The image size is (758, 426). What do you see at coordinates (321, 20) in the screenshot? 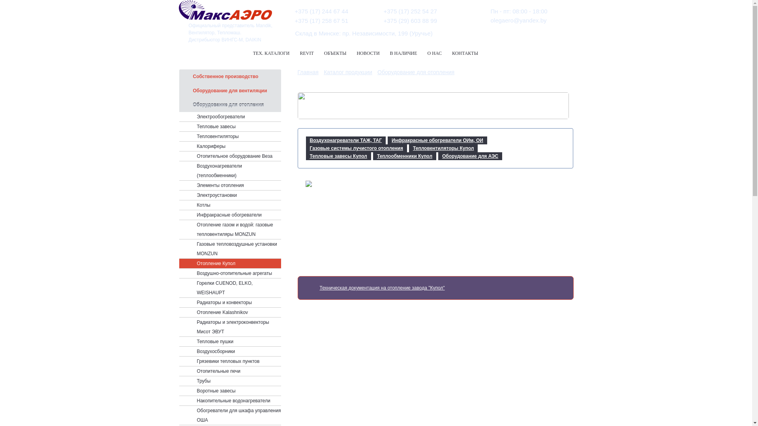
I see `'+375 (17) 258 67 51'` at bounding box center [321, 20].